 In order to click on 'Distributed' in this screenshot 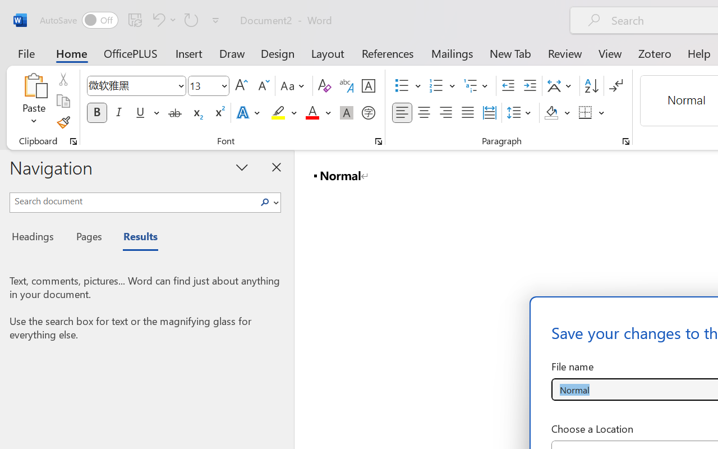, I will do `click(489, 113)`.